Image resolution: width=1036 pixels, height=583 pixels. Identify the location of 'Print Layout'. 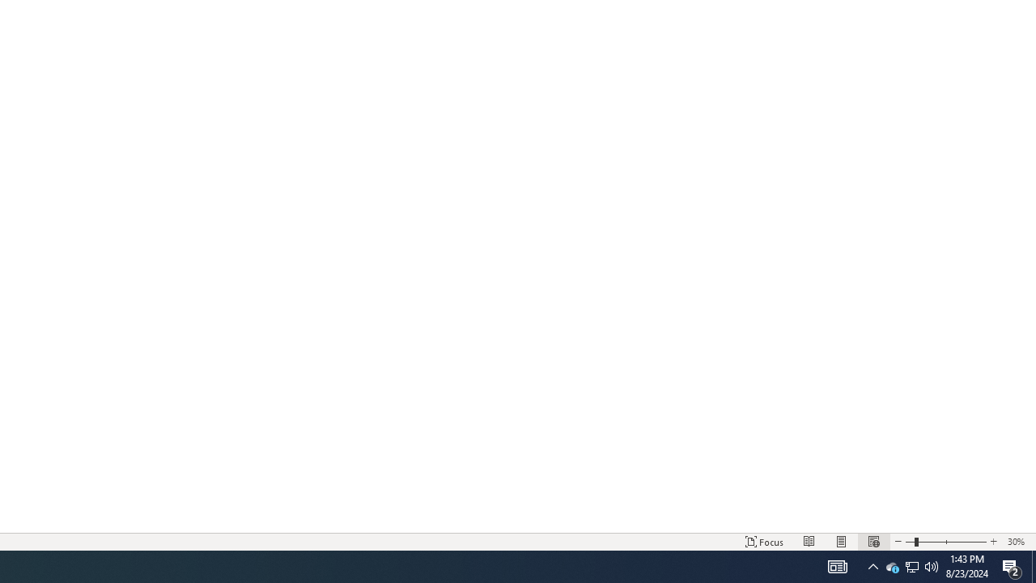
(842, 542).